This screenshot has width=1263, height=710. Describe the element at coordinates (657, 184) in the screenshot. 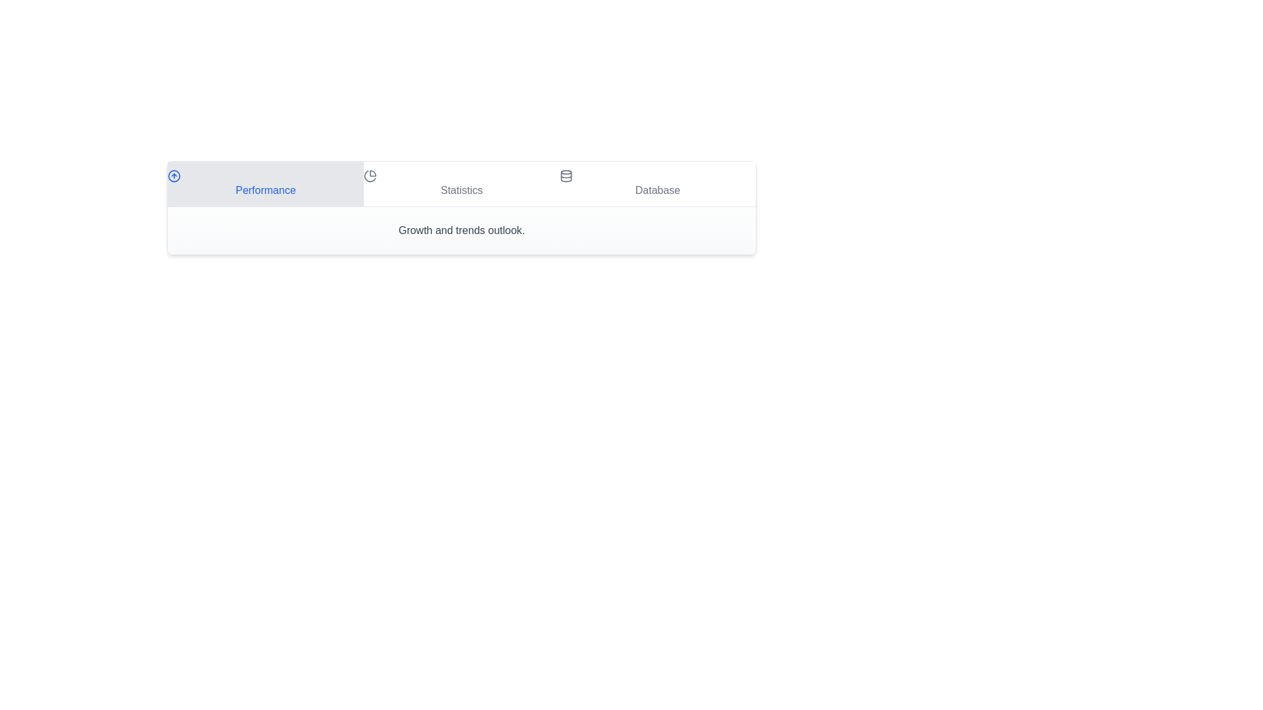

I see `the Database tab by clicking on it` at that location.